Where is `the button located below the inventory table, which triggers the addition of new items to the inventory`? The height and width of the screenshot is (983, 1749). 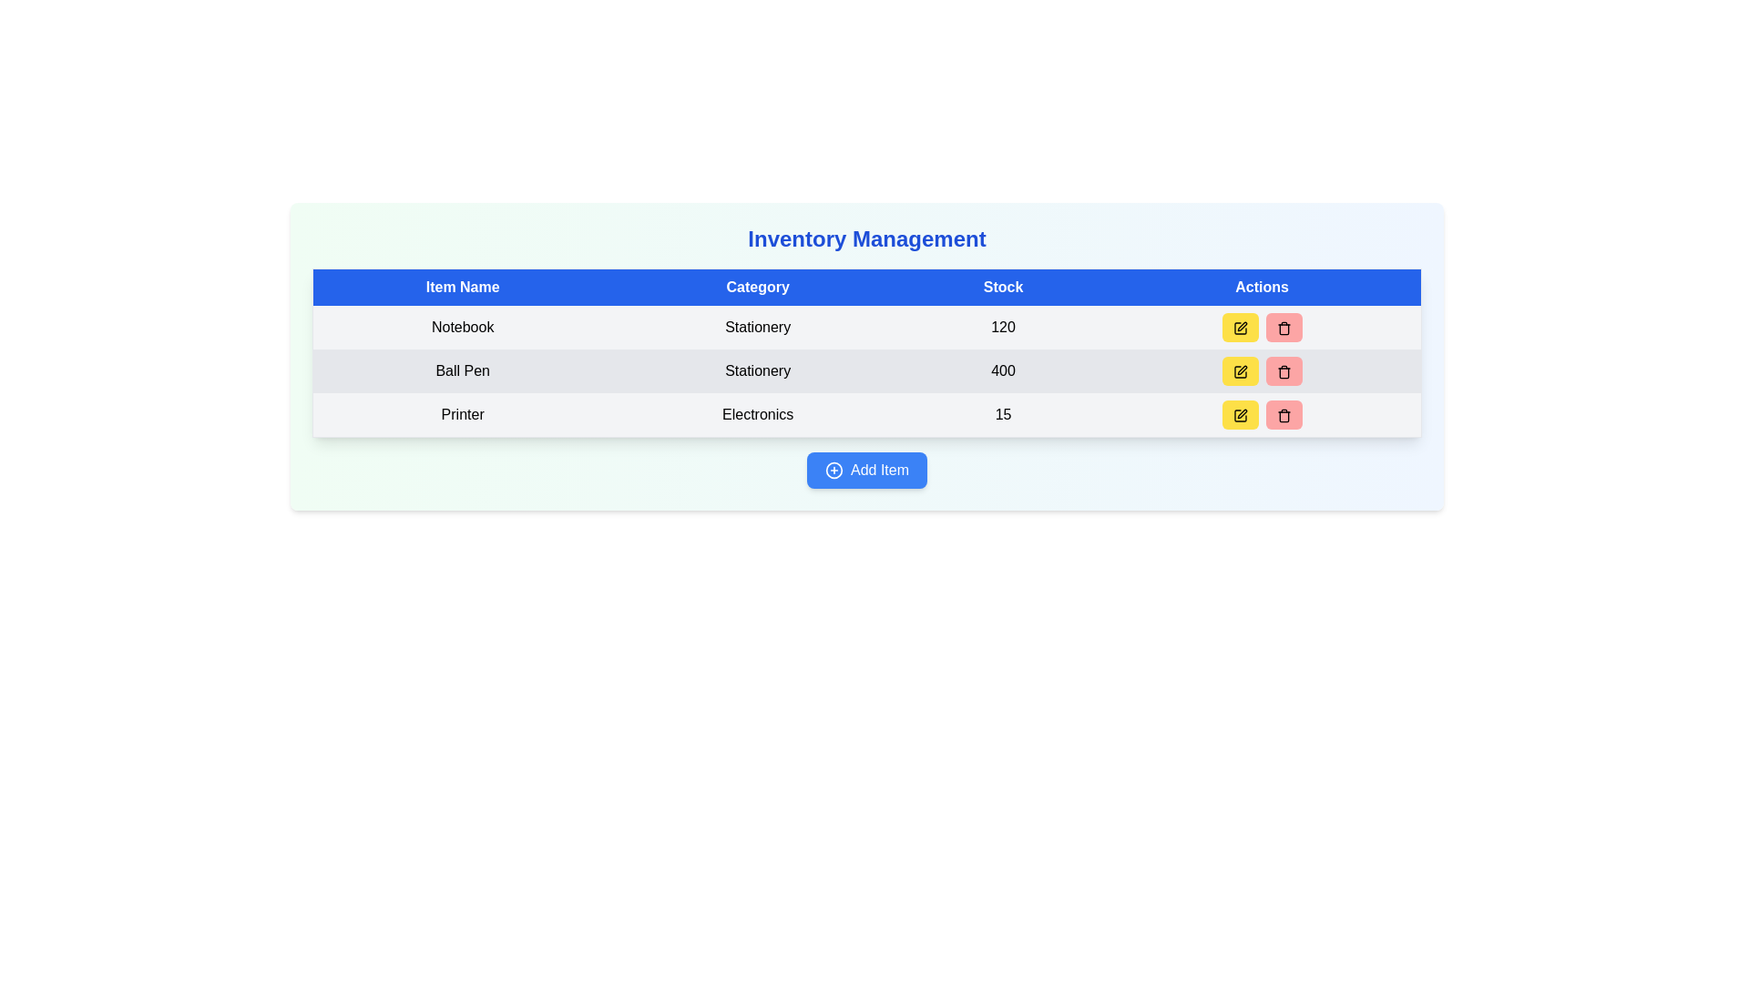 the button located below the inventory table, which triggers the addition of new items to the inventory is located at coordinates (865, 469).